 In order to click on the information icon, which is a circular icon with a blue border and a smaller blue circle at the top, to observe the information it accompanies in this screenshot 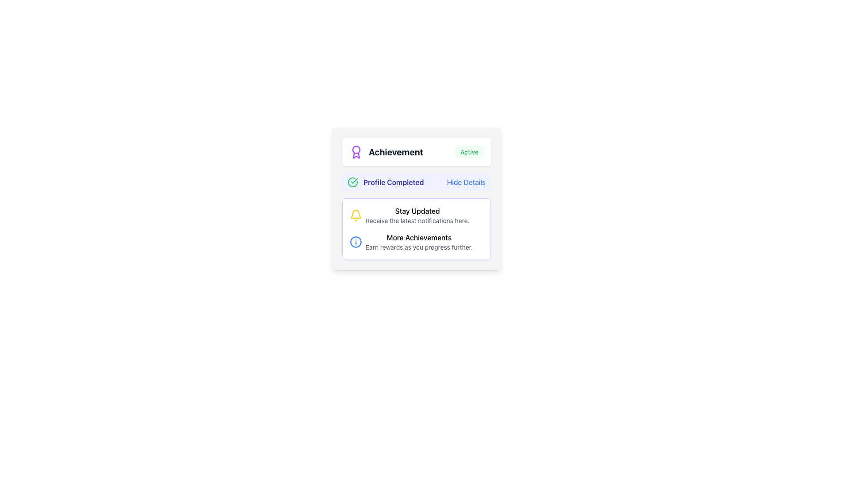, I will do `click(356, 242)`.